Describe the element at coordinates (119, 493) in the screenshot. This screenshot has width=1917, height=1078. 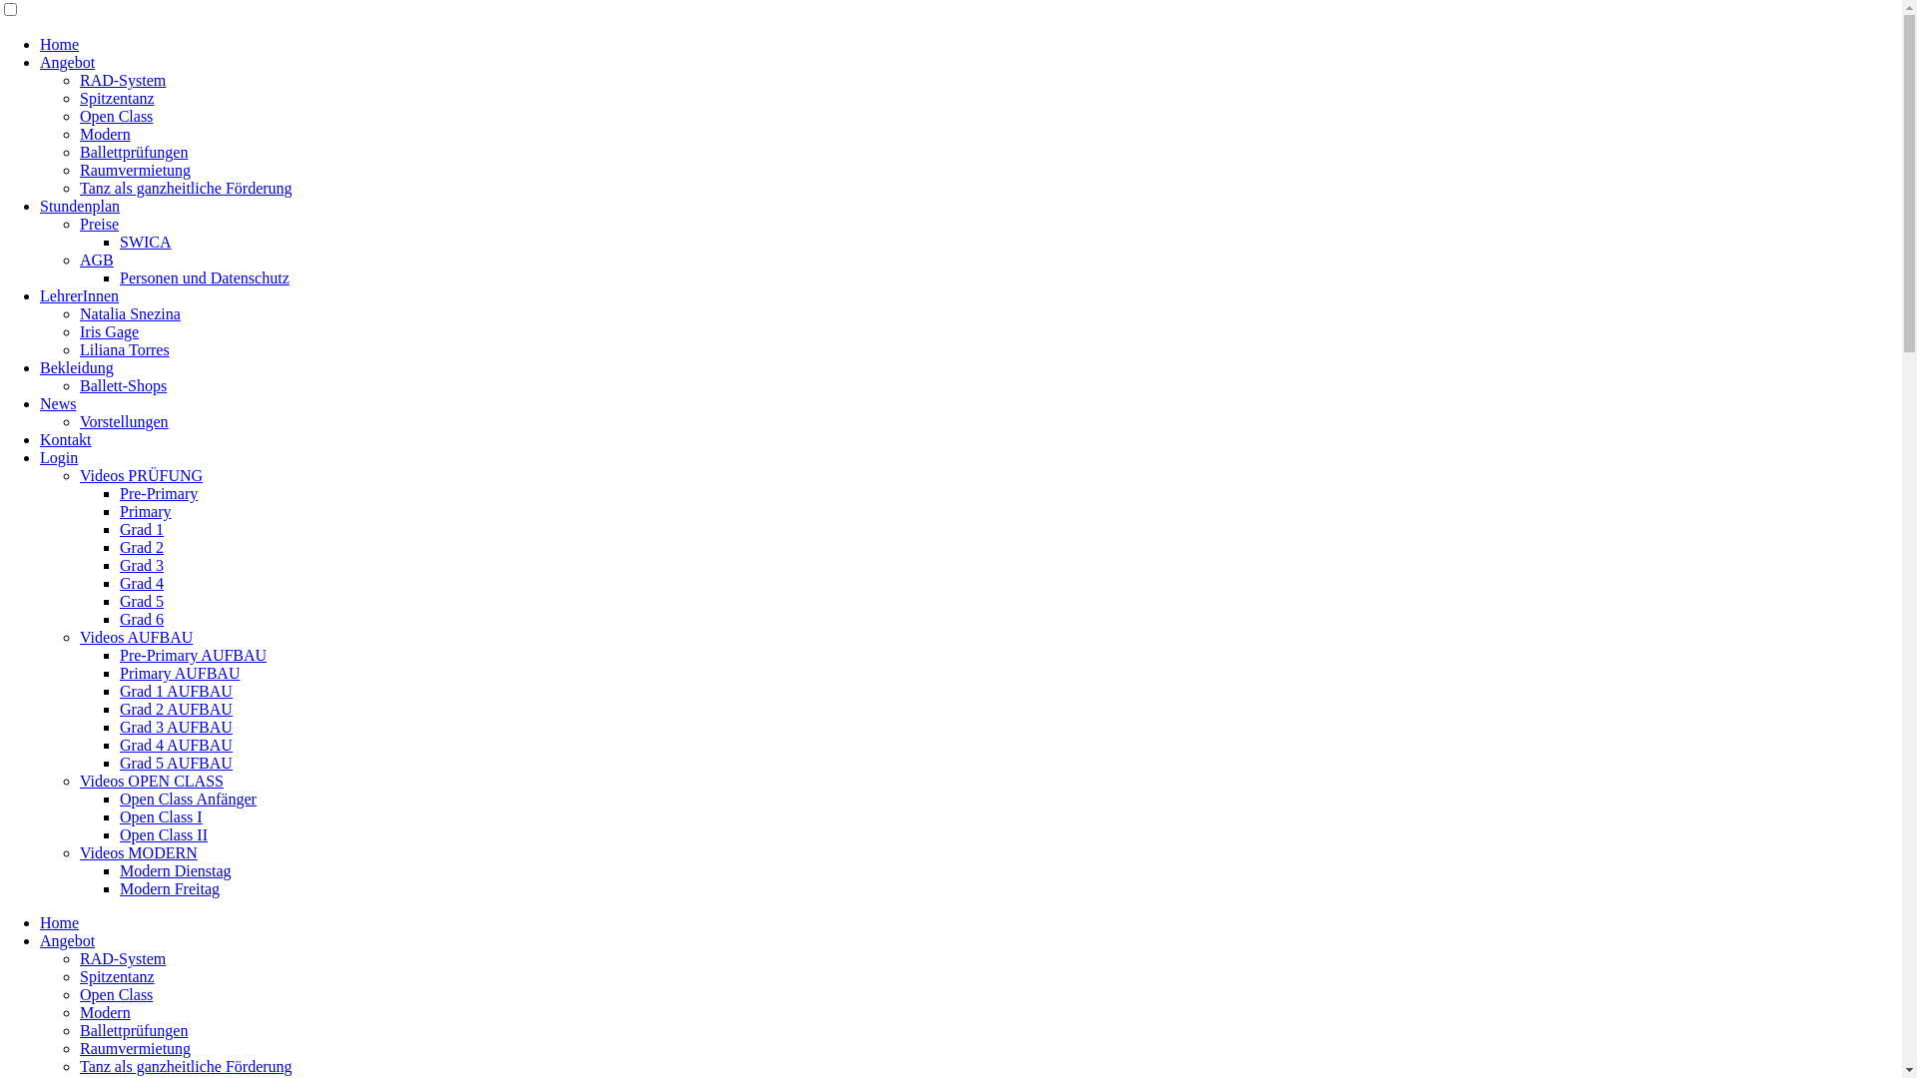
I see `'Pre-Primary'` at that location.